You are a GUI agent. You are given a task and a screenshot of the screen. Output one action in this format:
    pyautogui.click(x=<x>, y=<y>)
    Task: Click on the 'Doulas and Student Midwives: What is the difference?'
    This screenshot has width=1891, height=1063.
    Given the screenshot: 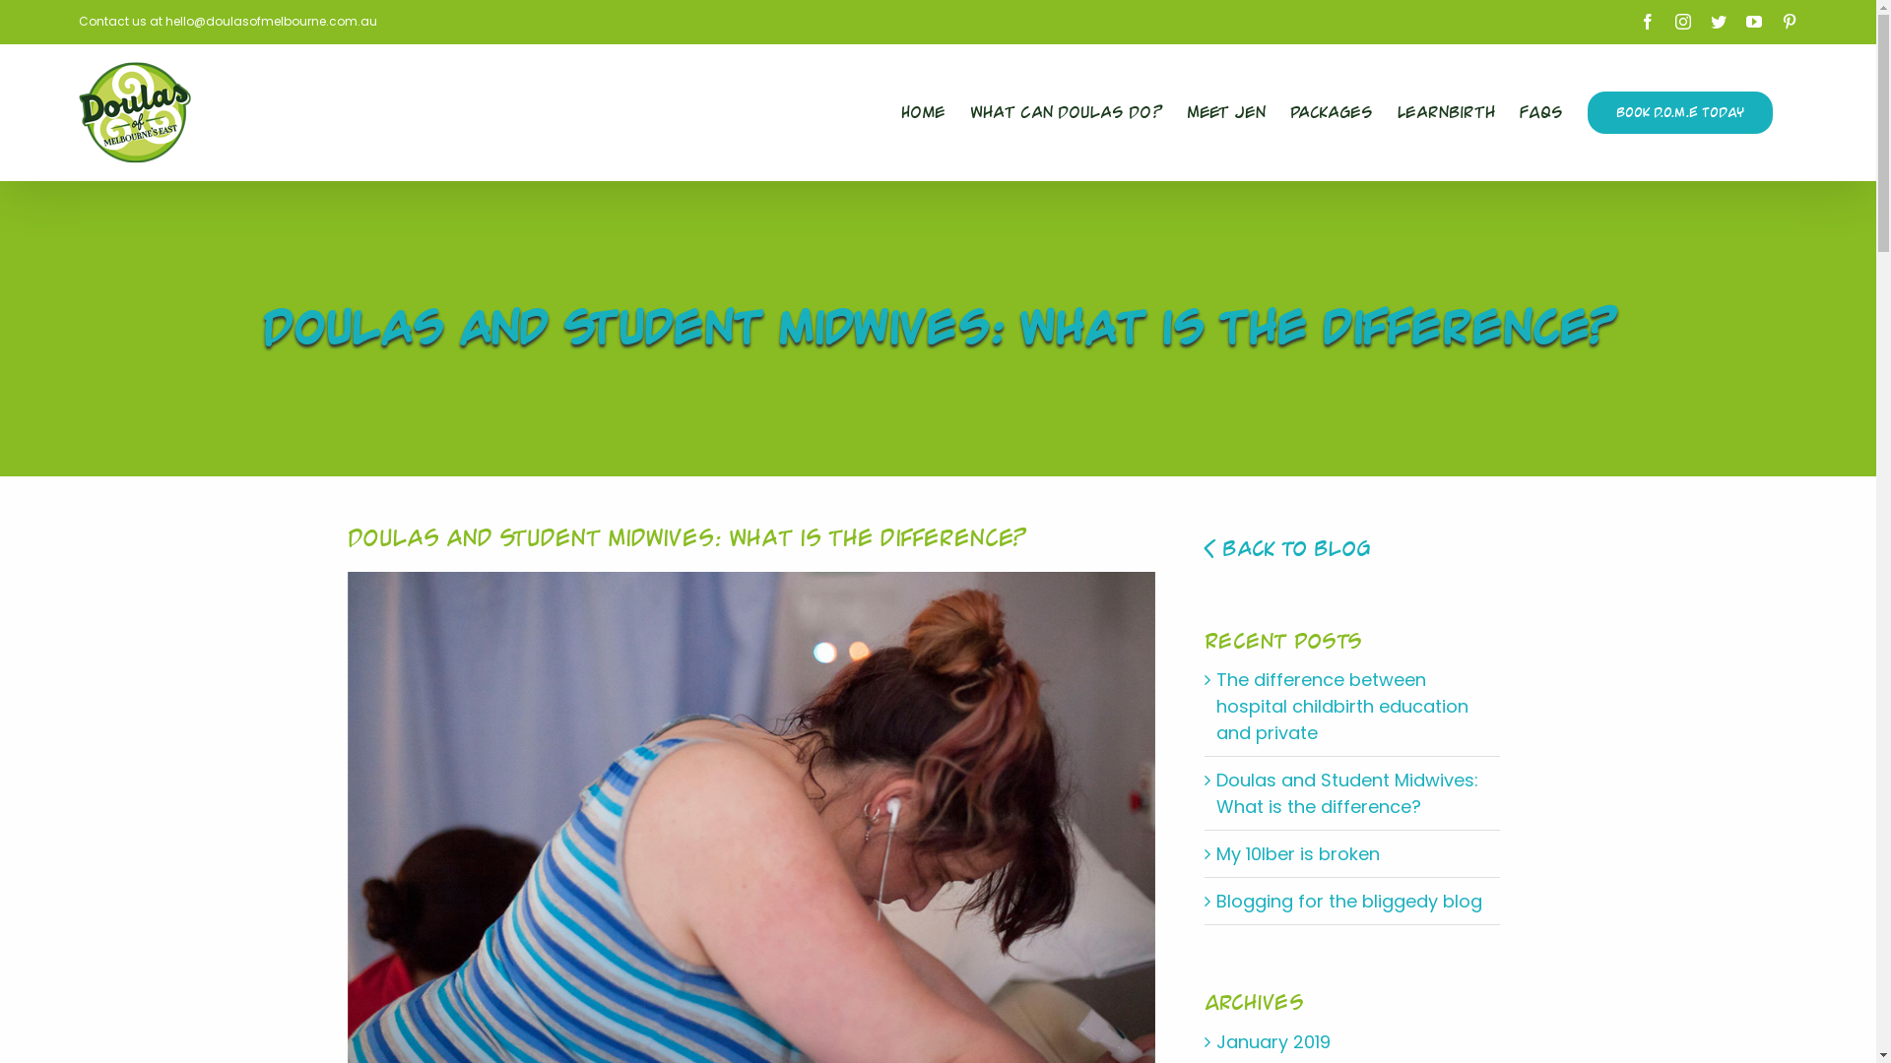 What is the action you would take?
    pyautogui.click(x=1345, y=792)
    